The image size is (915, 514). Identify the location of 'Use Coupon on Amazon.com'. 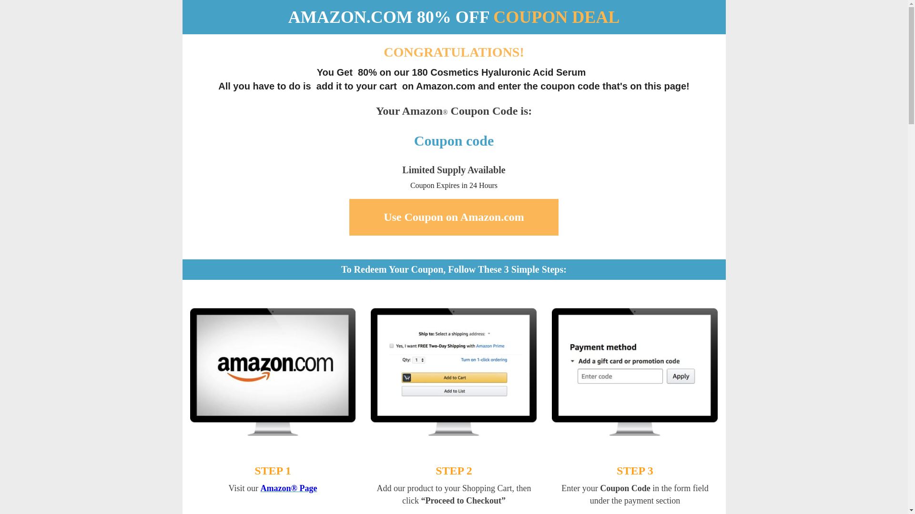
(453, 217).